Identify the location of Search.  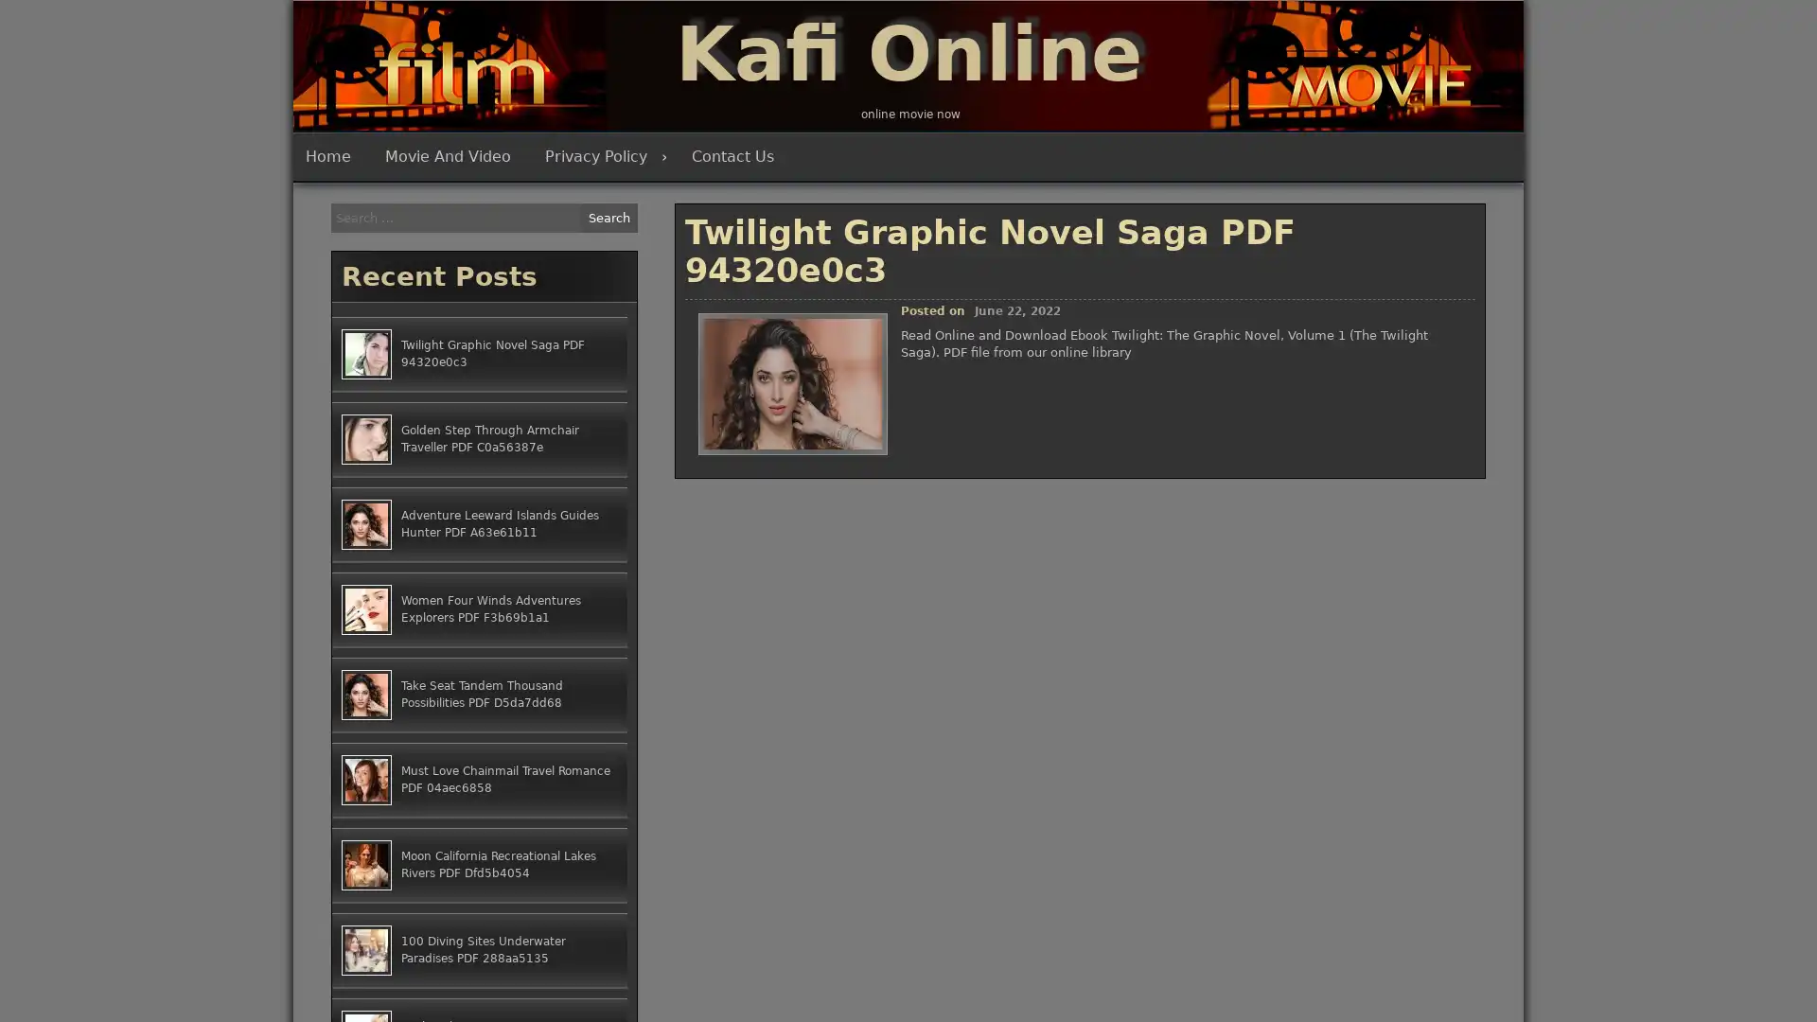
(609, 217).